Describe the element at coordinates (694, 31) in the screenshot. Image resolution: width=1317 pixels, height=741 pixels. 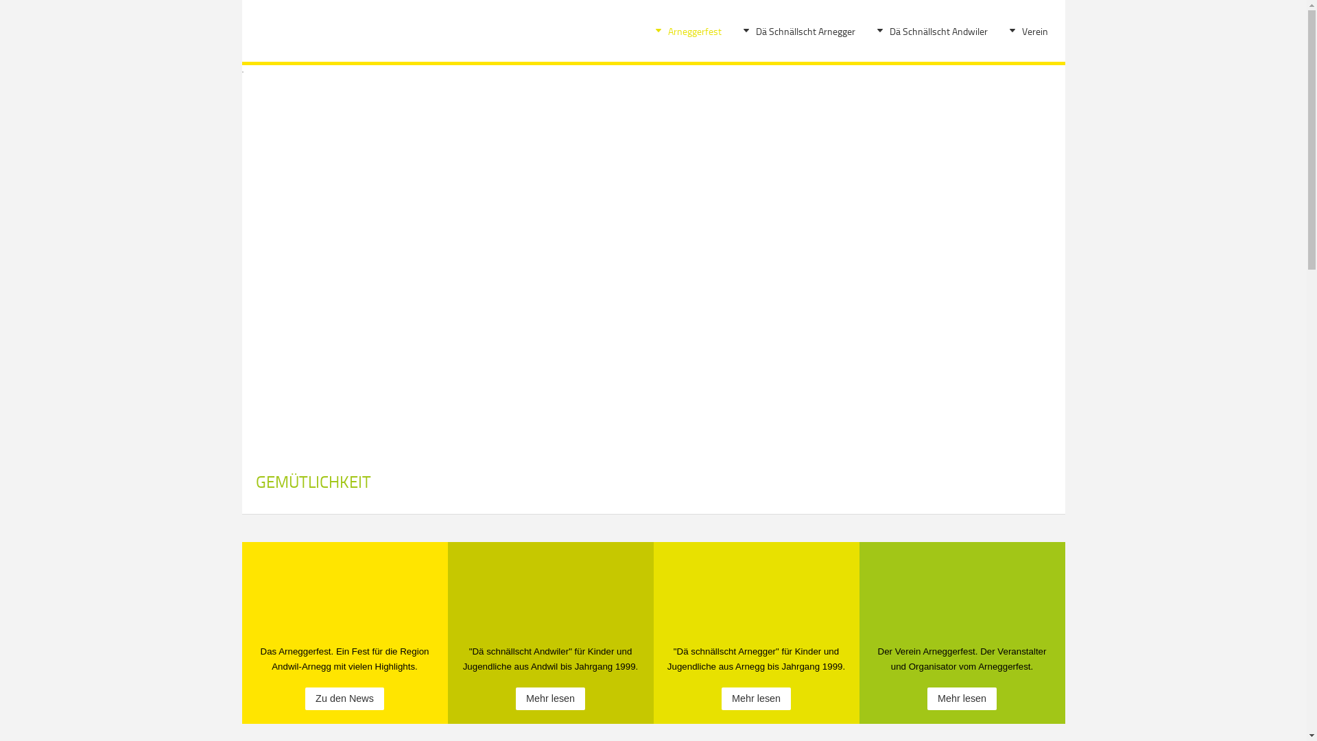
I see `'Arneggerfest'` at that location.